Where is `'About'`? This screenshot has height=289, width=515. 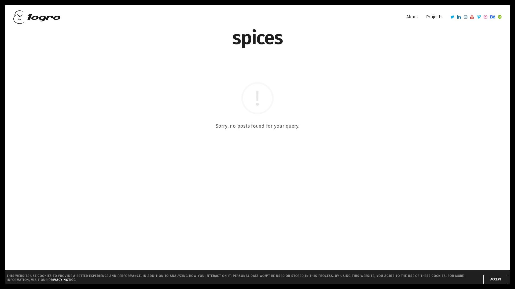 'About' is located at coordinates (412, 17).